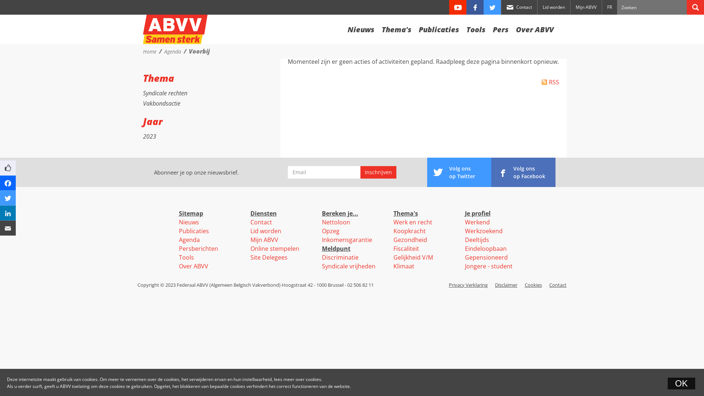 This screenshot has height=396, width=704. Describe the element at coordinates (459, 172) in the screenshot. I see `'Volg ons` at that location.